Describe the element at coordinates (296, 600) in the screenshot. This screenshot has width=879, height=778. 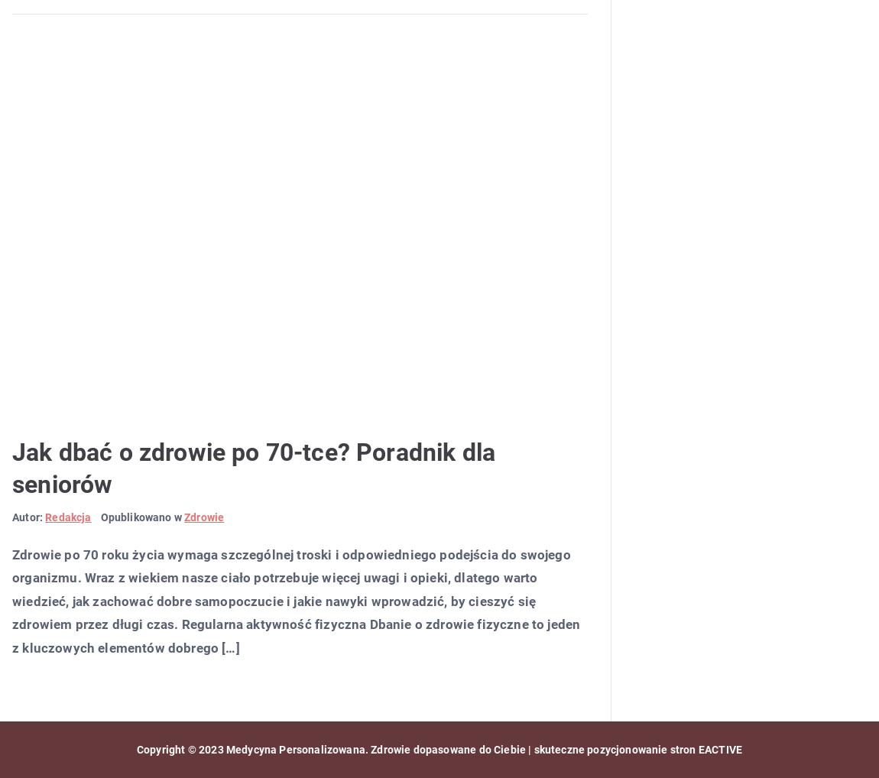
I see `'Zdrowie po 70 roku życia wymaga szczególnej troski i odpowiedniego podejścia do swojego organizmu. Wraz z wiekiem nasze ciało potrzebuje więcej uwagi i opieki, dlatego warto wiedzieć, jak zachować dobre samopoczucie i jakie nawyki wprowadzić, by cieszyć się zdrowiem przez długi czas. Regularna aktywność fizyczna Dbanie o zdrowie fizyczne to jeden z kluczowych elementów dobrego […]'` at that location.